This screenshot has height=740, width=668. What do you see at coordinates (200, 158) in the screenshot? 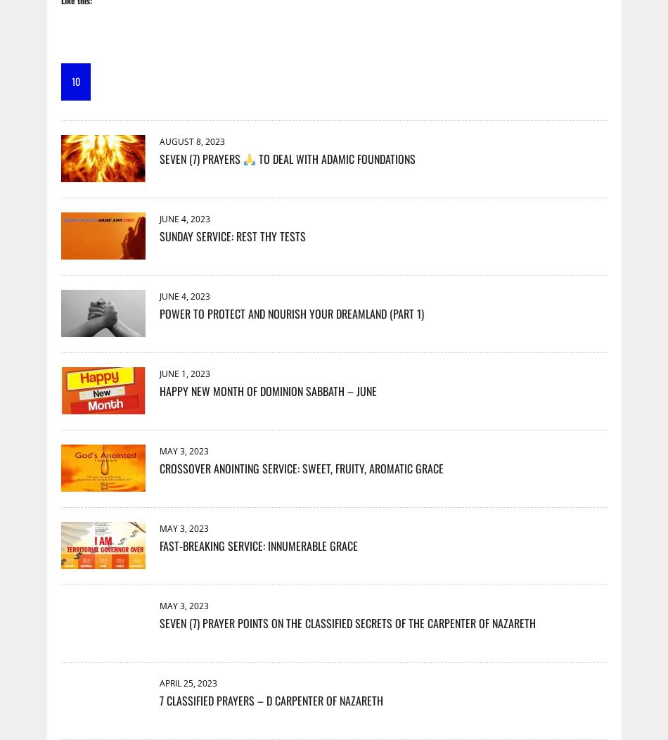
I see `'SEVEN (7) PRAYERS'` at bounding box center [200, 158].